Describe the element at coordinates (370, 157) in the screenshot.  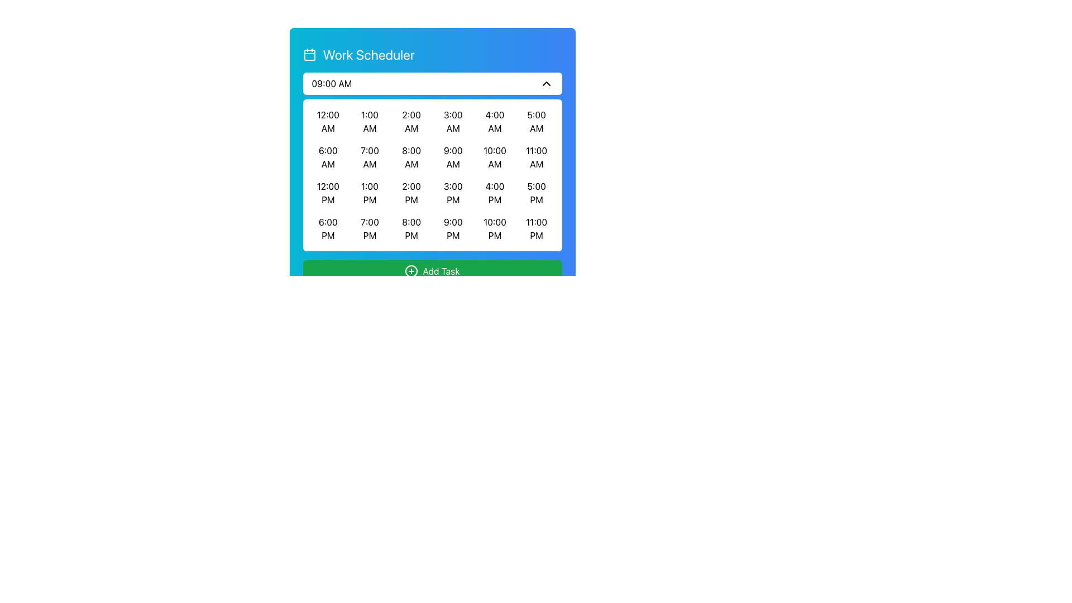
I see `the '7:00 AM' button in the time picker interface` at that location.